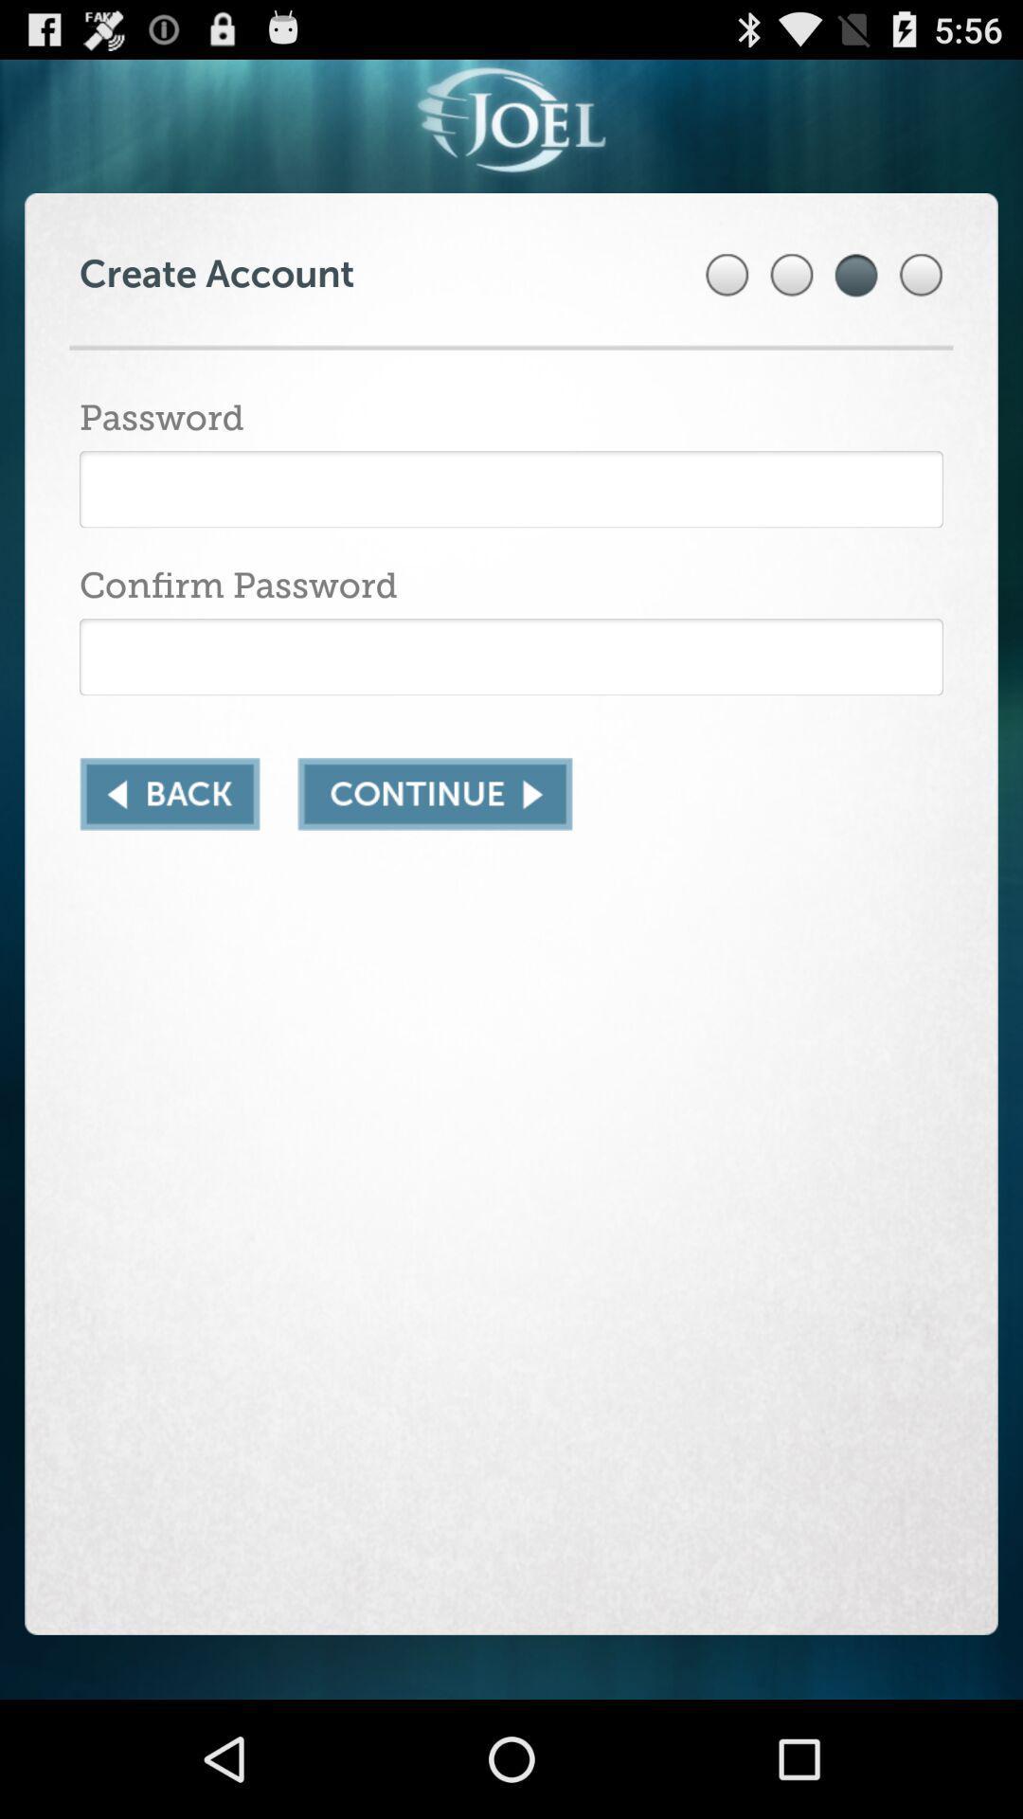 This screenshot has width=1023, height=1819. I want to click on password, so click(511, 489).